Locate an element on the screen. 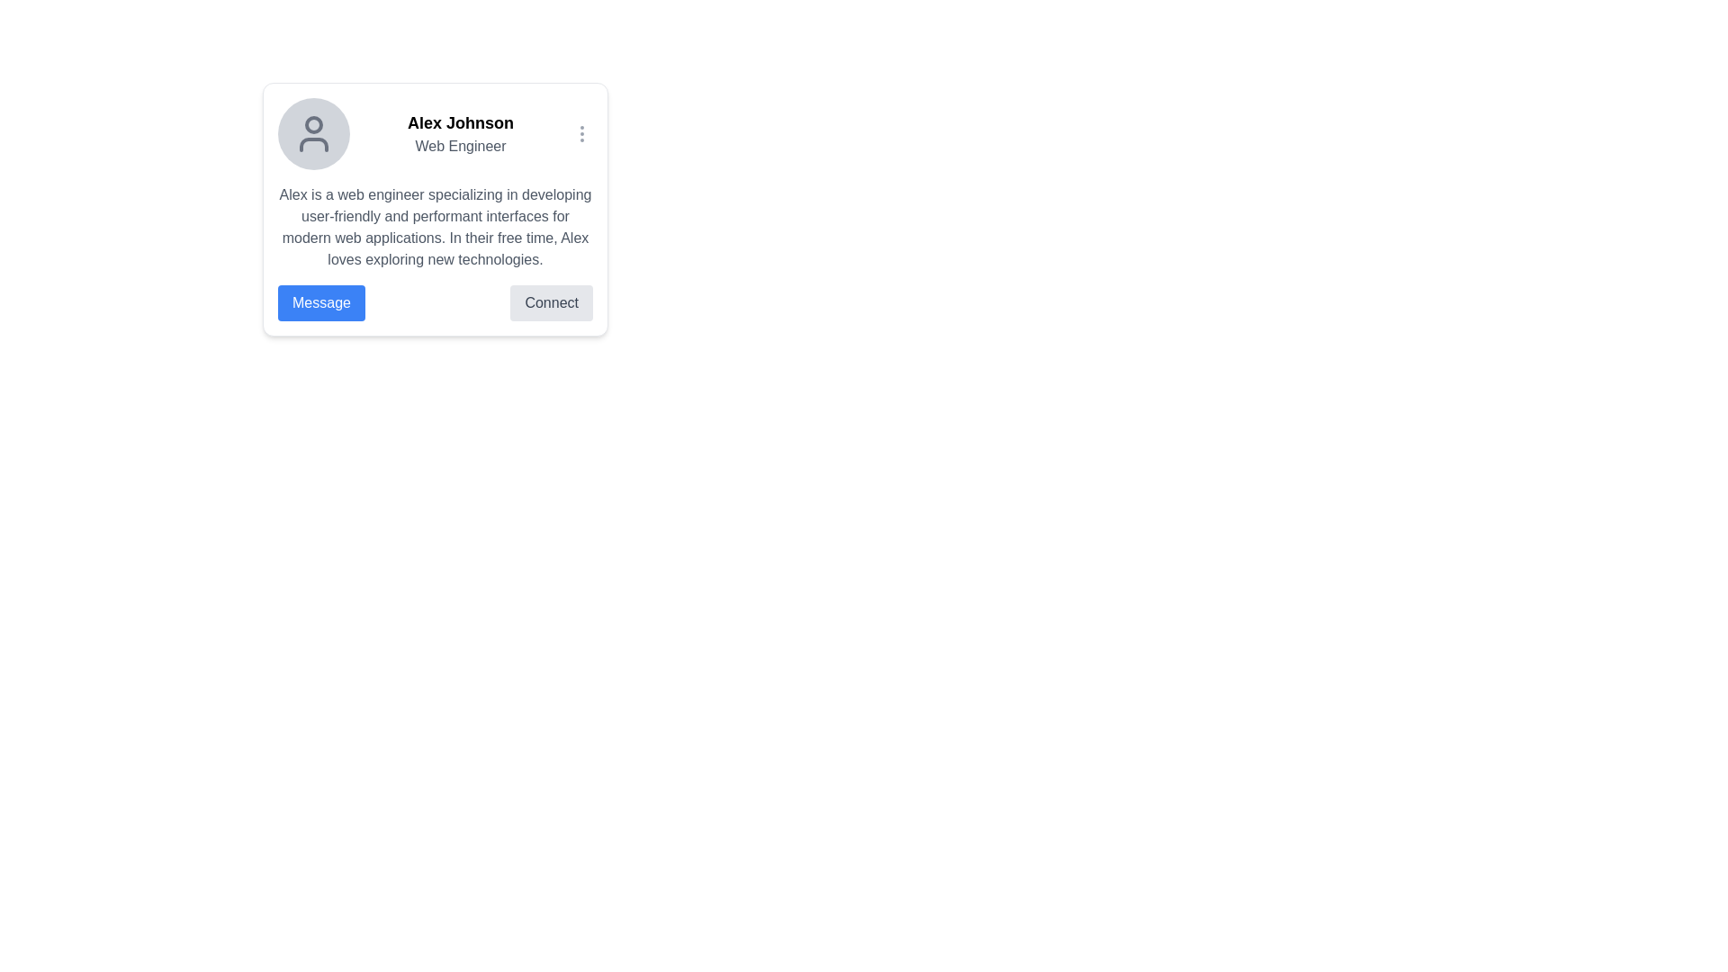  the SVG graphic representing a user icon, which is centered within a light-gray circular background and positioned near the top-left corner of Alex Johnson's profile card is located at coordinates (314, 133).